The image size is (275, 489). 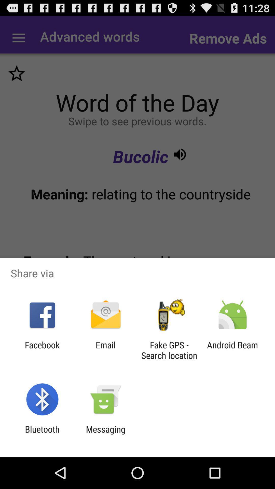 I want to click on item to the right of email app, so click(x=169, y=350).